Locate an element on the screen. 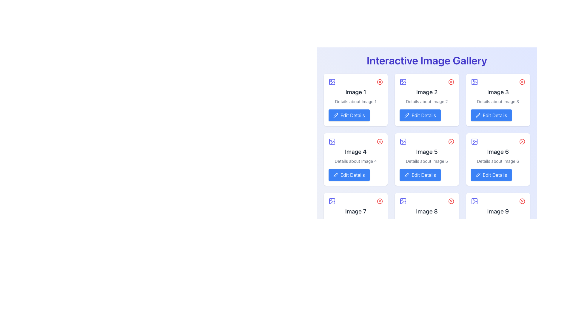 The width and height of the screenshot is (573, 322). the square with rounded corners inside the photo icon located at the top left of the 'Image 5' card is located at coordinates (403, 141).